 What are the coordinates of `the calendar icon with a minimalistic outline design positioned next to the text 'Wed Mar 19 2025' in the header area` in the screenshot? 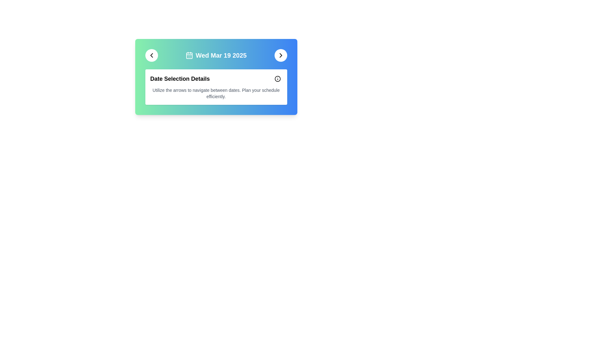 It's located at (189, 55).